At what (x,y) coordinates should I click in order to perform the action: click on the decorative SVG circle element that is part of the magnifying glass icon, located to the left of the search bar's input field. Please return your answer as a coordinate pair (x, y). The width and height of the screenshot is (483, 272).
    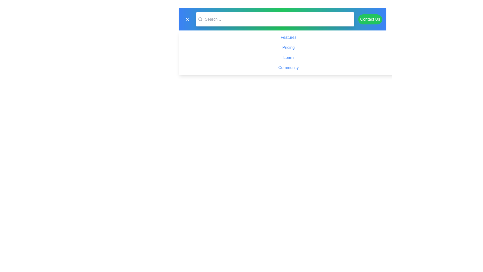
    Looking at the image, I should click on (200, 19).